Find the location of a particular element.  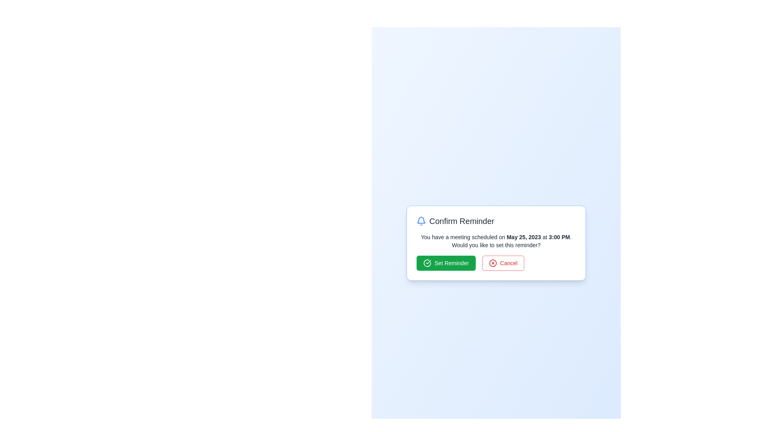

the scheduled time text element indicating '3:00 PM', which is located to the right of the date element 'May 25, 2023' in the meeting schedule details is located at coordinates (559, 237).